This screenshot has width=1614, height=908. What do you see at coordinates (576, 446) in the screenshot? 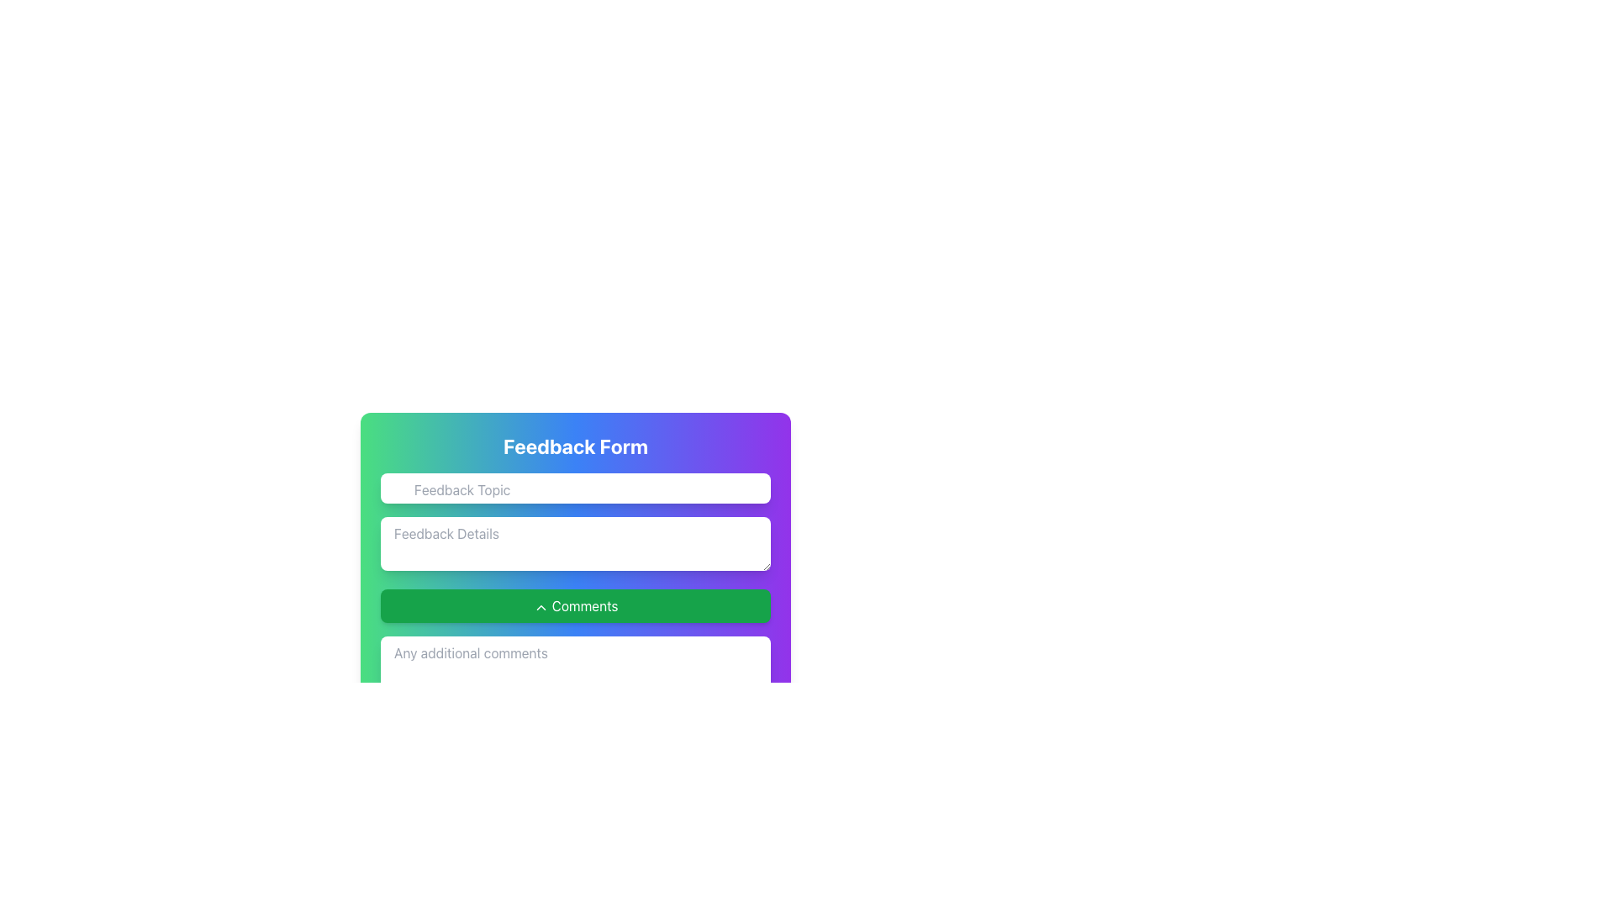
I see `the 'Feedback Form' text label, which is prominently displayed in bold white text on a gradient background at the top of the interface` at bounding box center [576, 446].